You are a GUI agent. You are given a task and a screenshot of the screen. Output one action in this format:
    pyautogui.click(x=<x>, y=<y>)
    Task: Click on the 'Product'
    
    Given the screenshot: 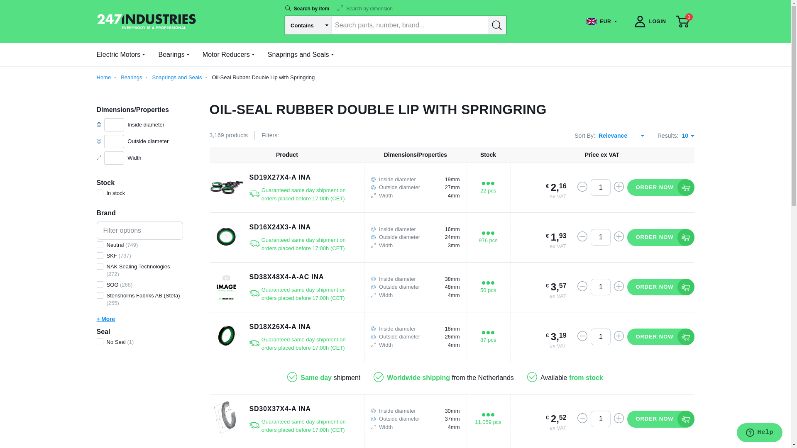 What is the action you would take?
    pyautogui.click(x=287, y=154)
    